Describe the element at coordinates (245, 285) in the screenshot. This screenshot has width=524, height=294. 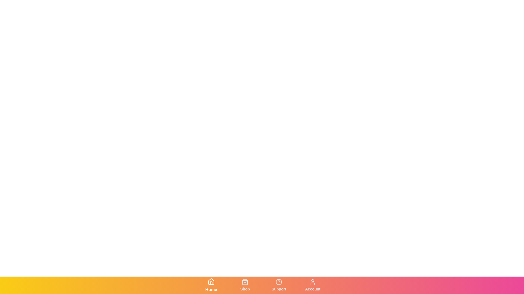
I see `the Shop tab from the navigation bar` at that location.